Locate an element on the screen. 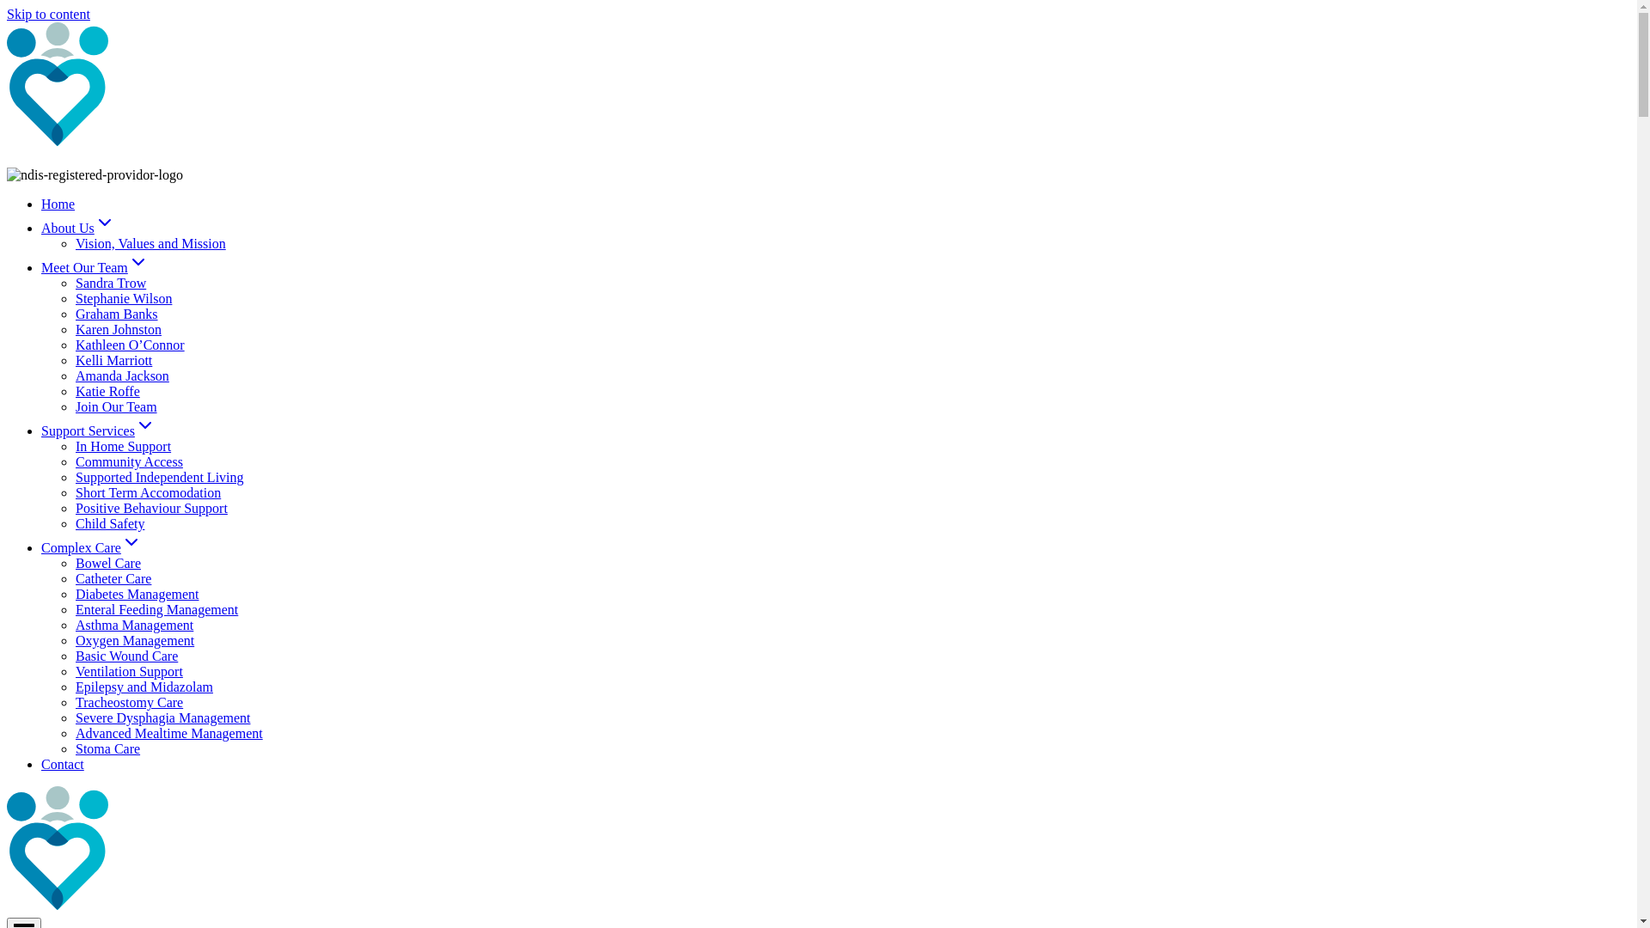 The image size is (1650, 928). 'Home' is located at coordinates (41, 203).